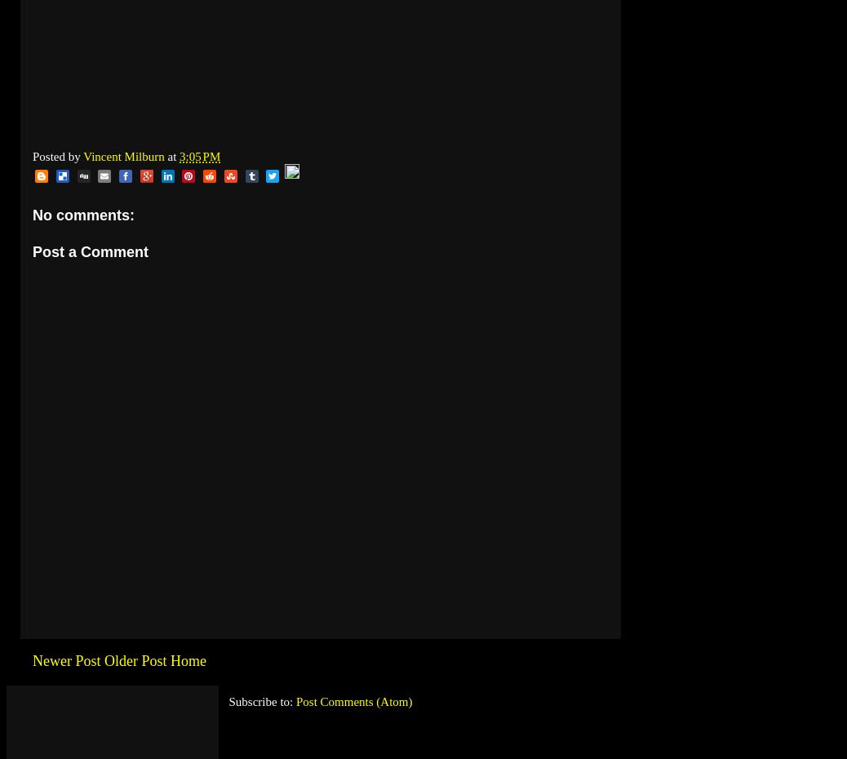 Image resolution: width=847 pixels, height=759 pixels. I want to click on 'Older Post', so click(134, 660).